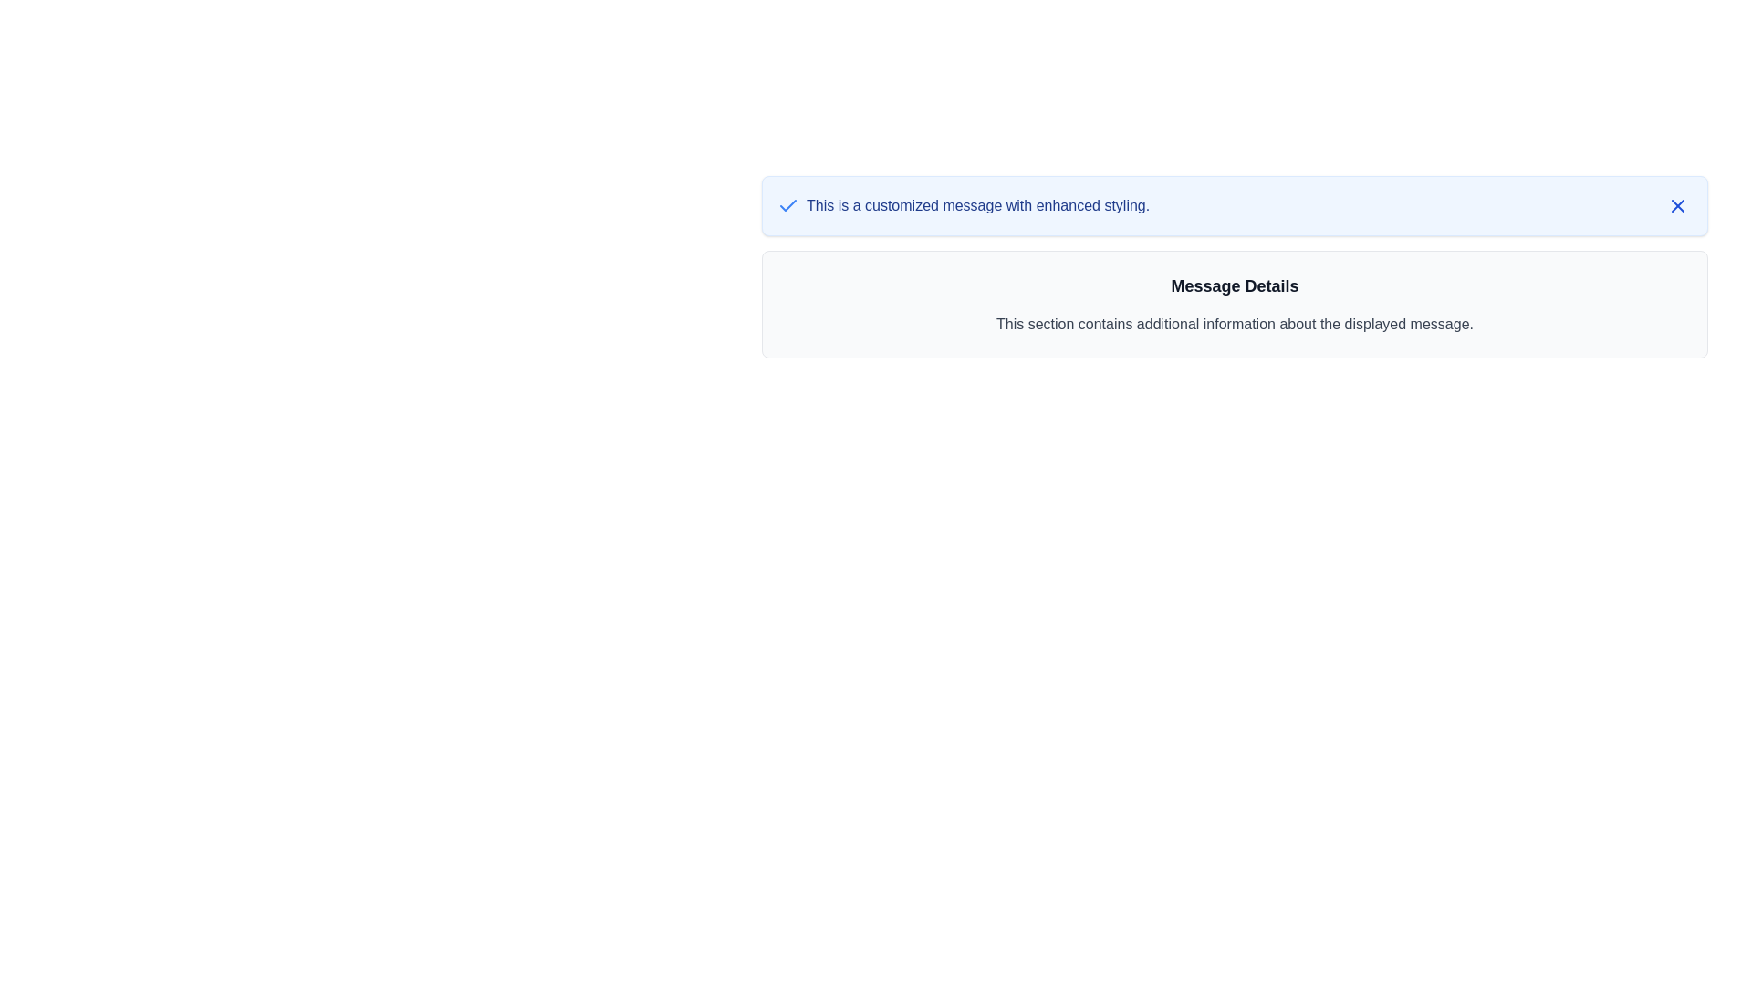 Image resolution: width=1752 pixels, height=985 pixels. I want to click on the small blue cross icon button located at the top-right corner of the blue message box to enhance its outline visibility, so click(1677, 205).